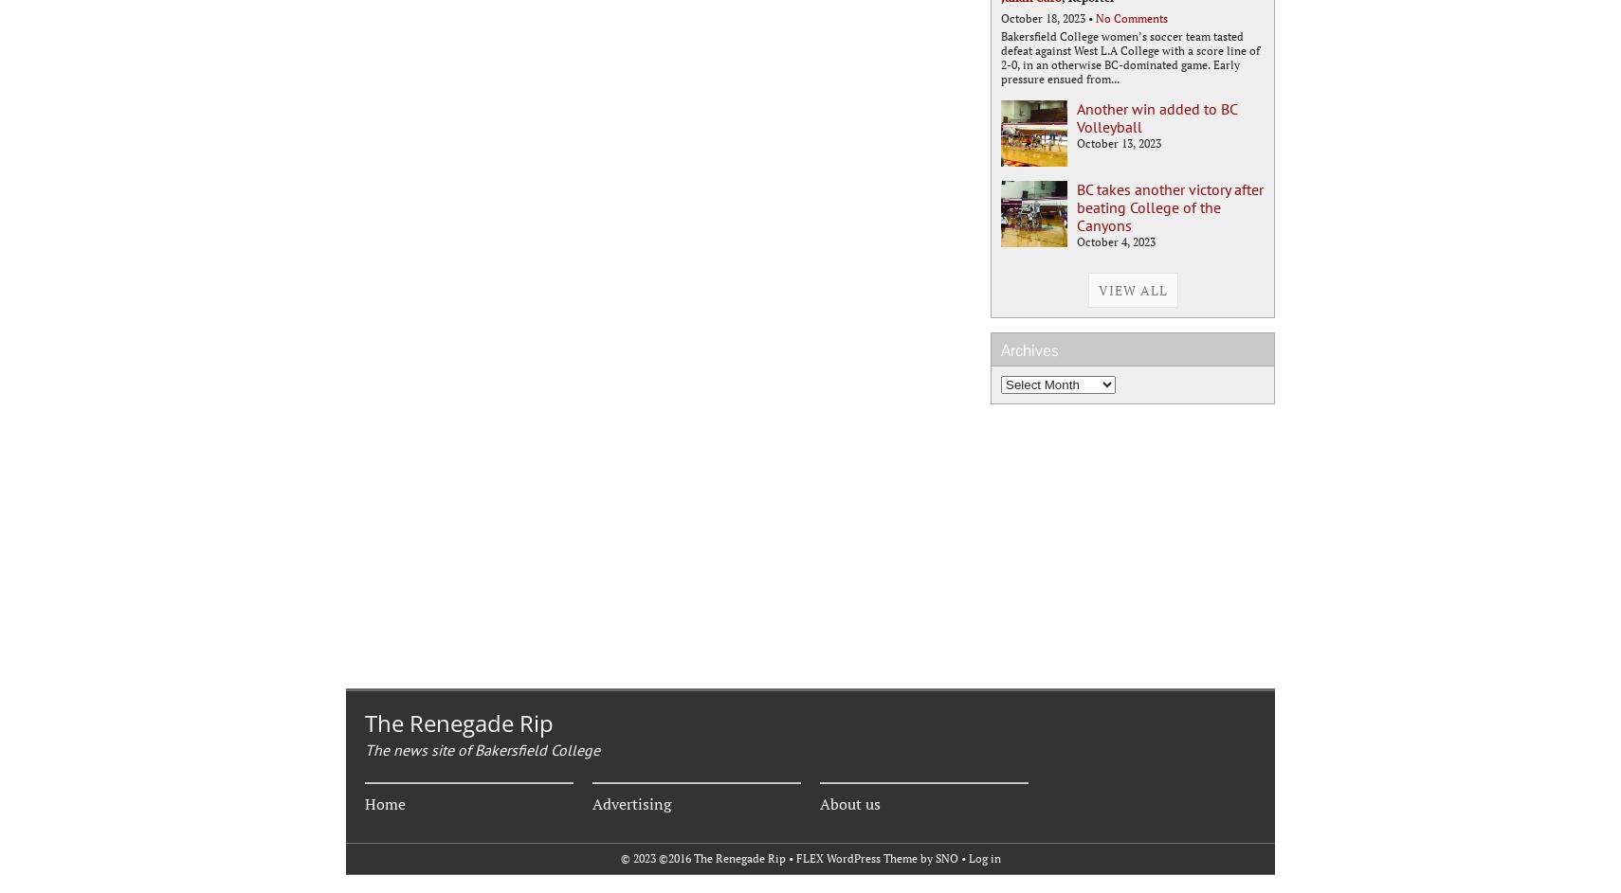 The width and height of the screenshot is (1621, 893). What do you see at coordinates (1169, 206) in the screenshot?
I see `'BC takes another victory after beating College of the Canyons'` at bounding box center [1169, 206].